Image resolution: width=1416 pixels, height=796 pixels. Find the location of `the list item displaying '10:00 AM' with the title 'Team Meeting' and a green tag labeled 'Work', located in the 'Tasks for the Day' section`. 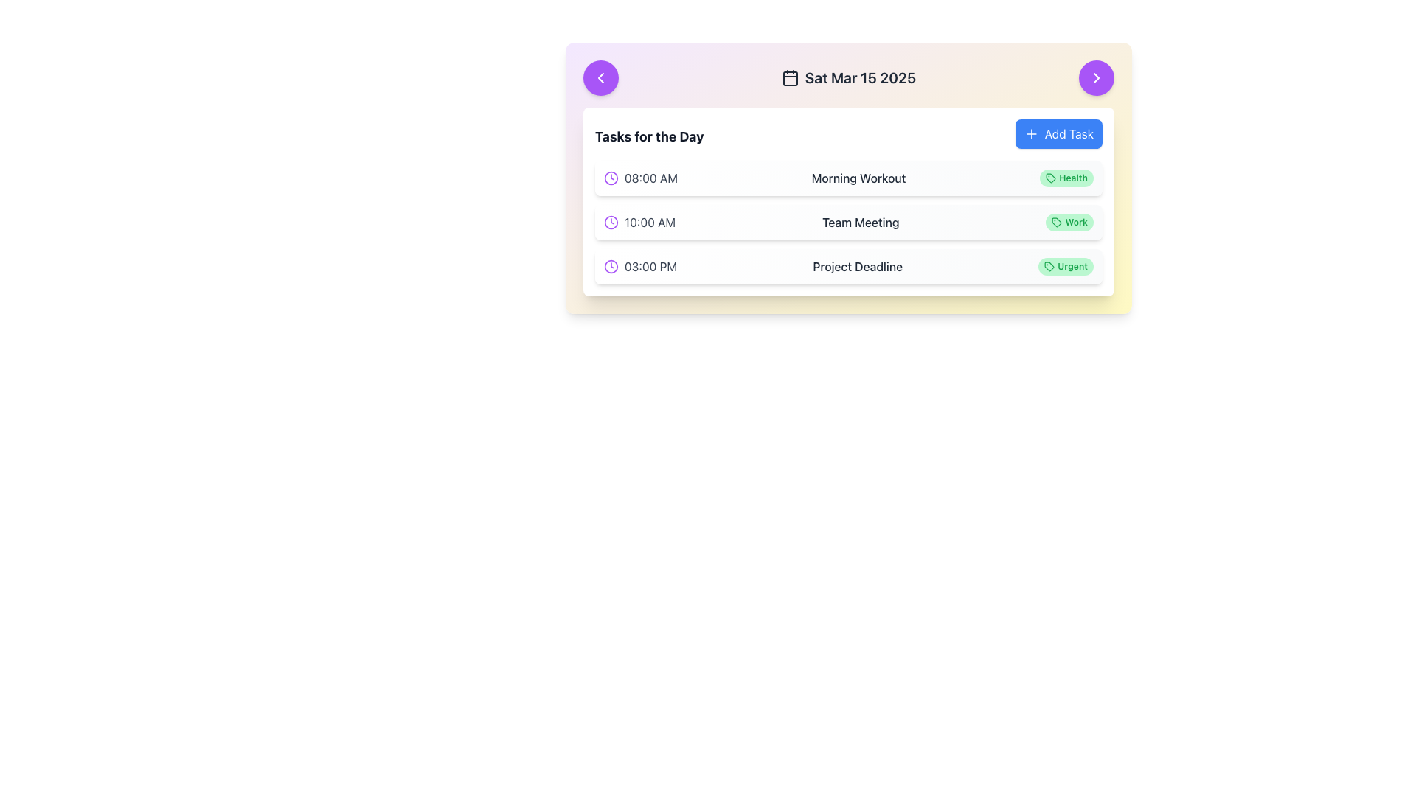

the list item displaying '10:00 AM' with the title 'Team Meeting' and a green tag labeled 'Work', located in the 'Tasks for the Day' section is located at coordinates (849, 222).